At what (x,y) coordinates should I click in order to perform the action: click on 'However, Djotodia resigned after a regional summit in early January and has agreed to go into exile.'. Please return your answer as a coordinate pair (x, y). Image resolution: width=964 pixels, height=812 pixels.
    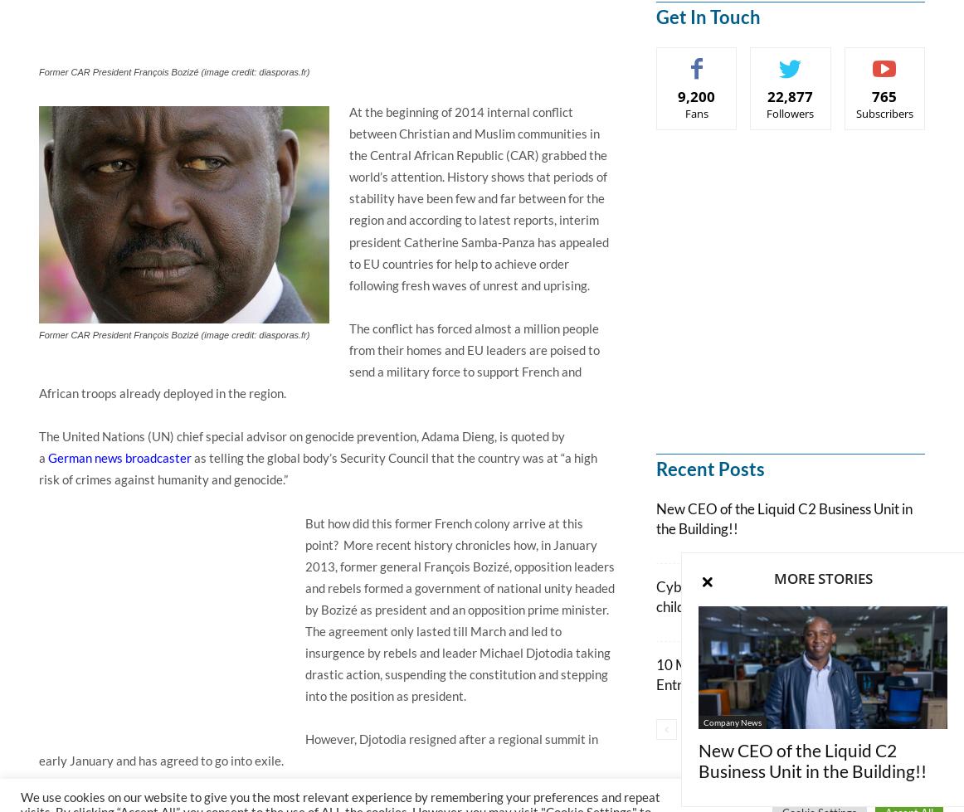
    Looking at the image, I should click on (37, 749).